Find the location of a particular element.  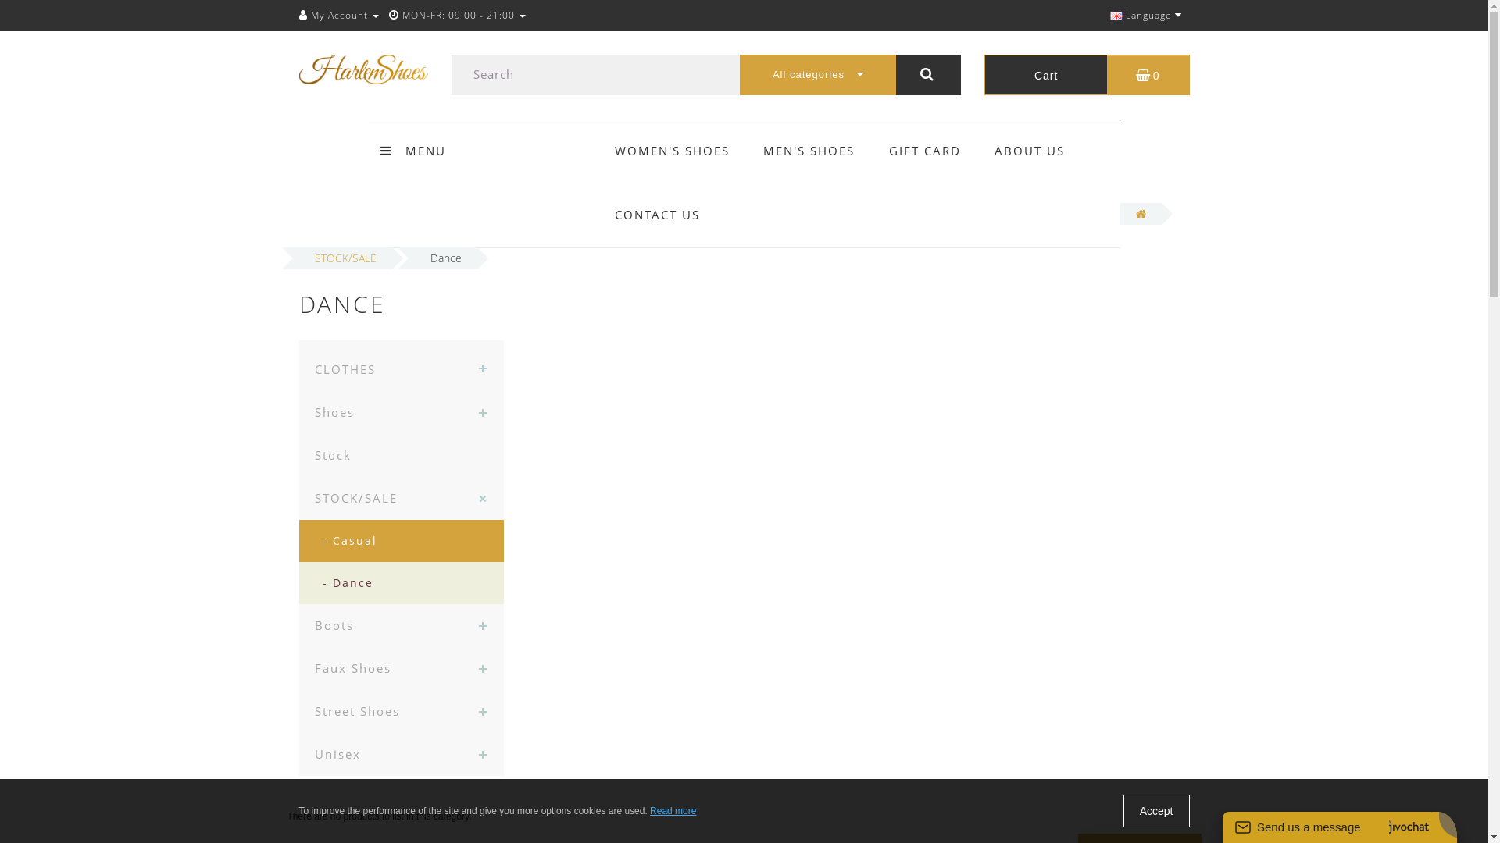

'Cart is located at coordinates (1086, 75).